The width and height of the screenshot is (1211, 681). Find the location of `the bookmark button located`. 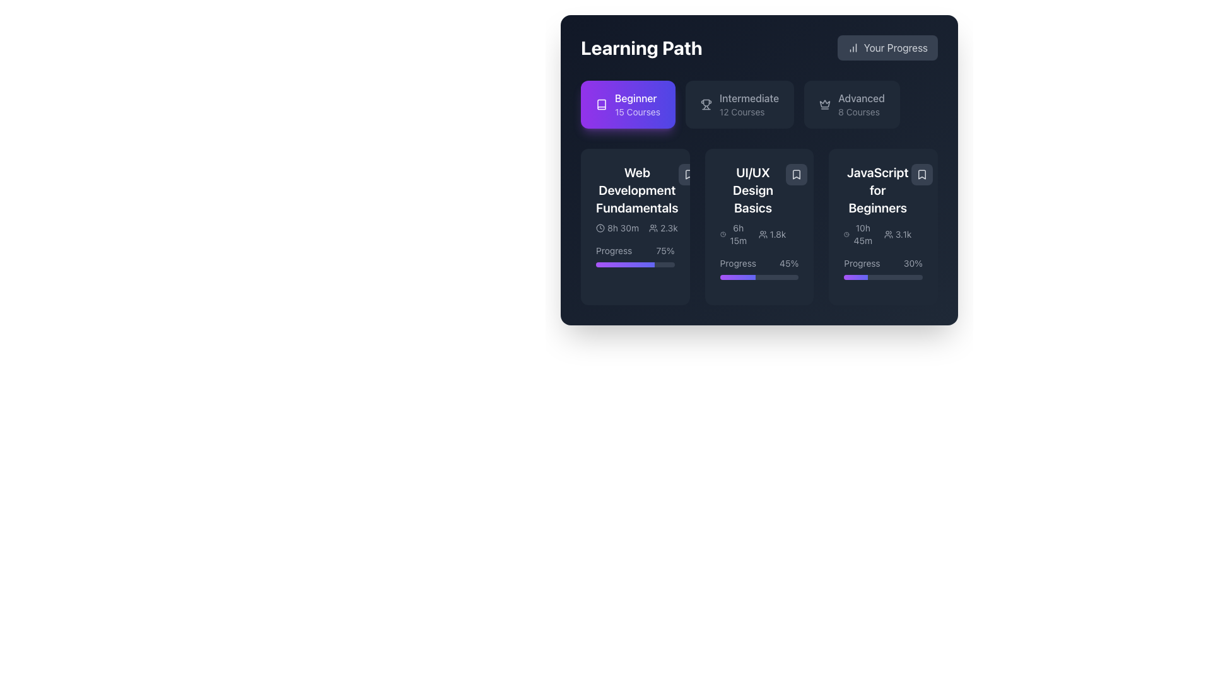

the bookmark button located is located at coordinates (796, 175).